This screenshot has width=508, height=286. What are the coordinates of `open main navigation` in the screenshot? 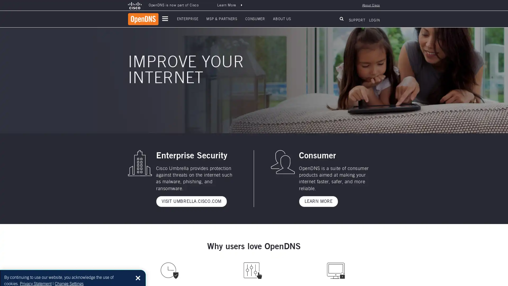 It's located at (165, 18).